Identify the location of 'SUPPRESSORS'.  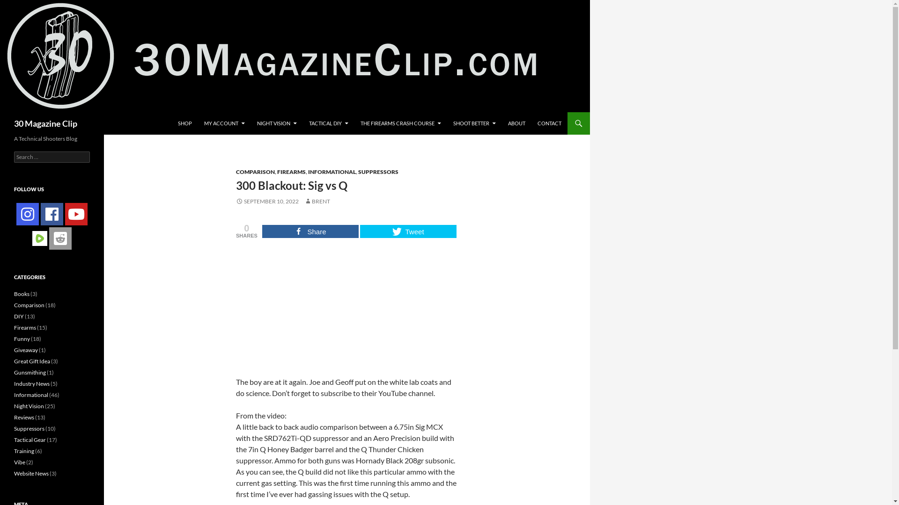
(357, 172).